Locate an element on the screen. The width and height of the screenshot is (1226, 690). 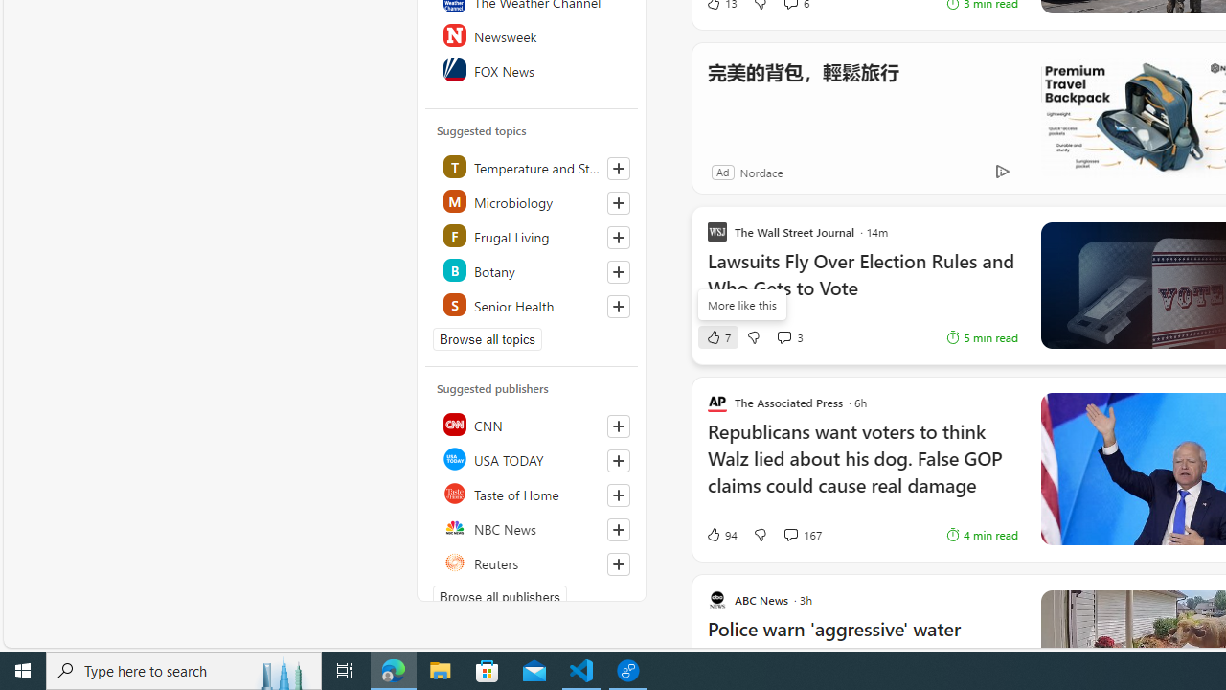
'Follow this source' is located at coordinates (618, 563).